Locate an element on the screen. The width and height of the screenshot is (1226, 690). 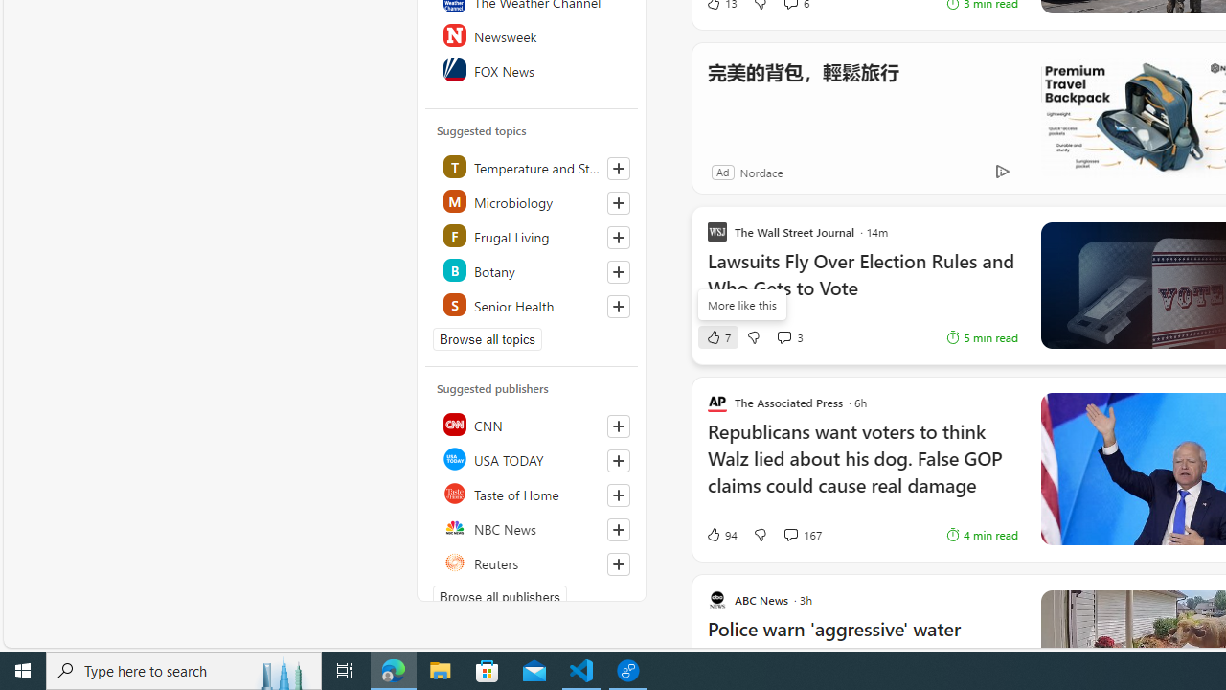
'Follow this source' is located at coordinates (618, 563).